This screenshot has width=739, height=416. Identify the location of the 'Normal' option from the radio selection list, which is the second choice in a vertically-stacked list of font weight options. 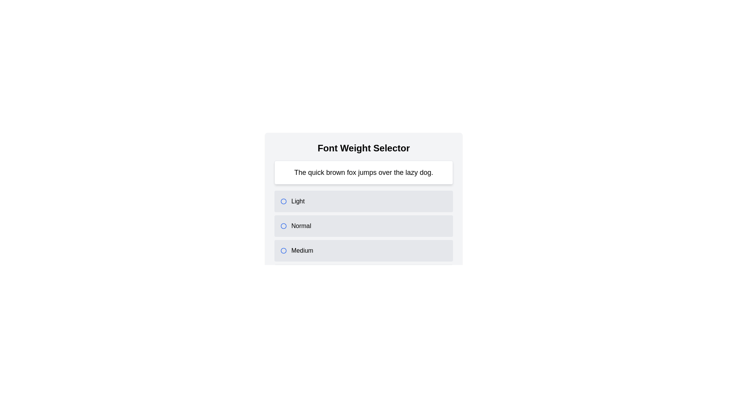
(363, 226).